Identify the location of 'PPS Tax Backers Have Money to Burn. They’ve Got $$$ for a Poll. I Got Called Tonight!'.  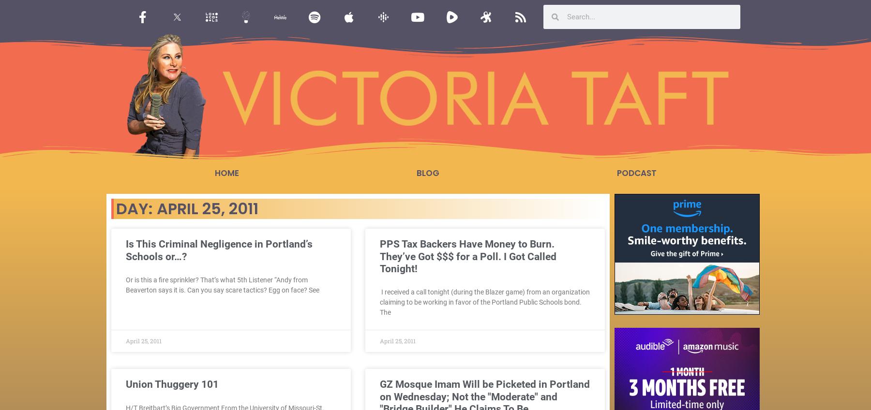
(467, 256).